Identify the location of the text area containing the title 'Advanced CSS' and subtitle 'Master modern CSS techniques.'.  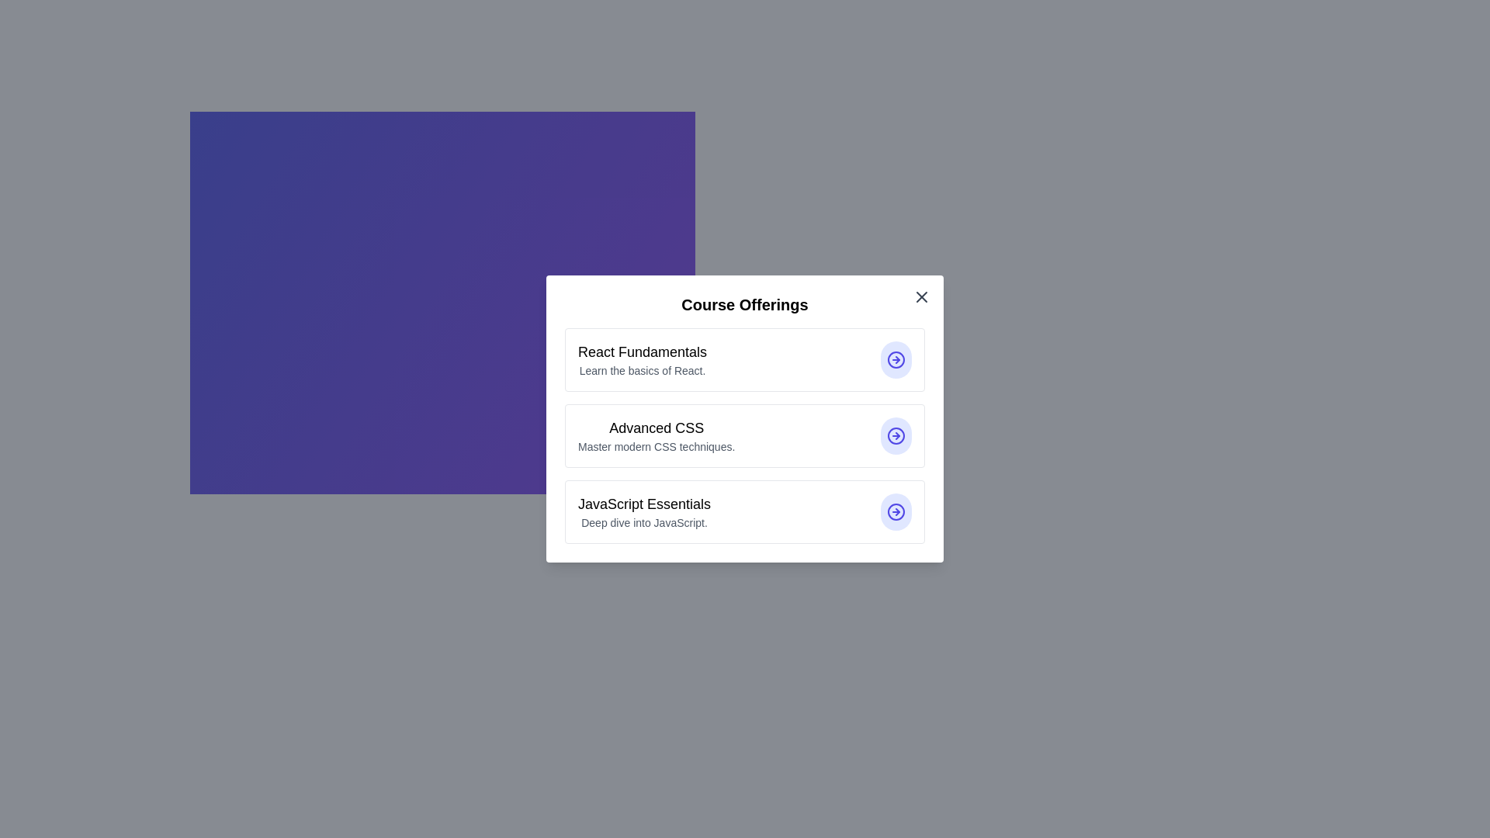
(657, 436).